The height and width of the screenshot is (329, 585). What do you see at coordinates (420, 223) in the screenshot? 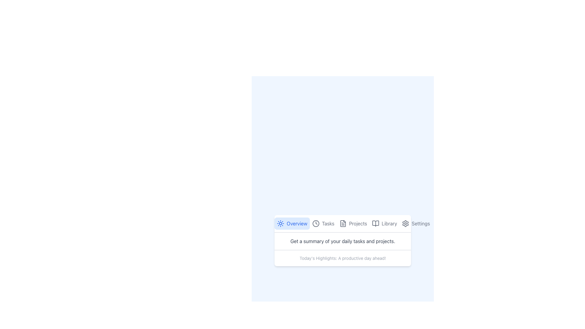
I see `the 'Settings' text label` at bounding box center [420, 223].